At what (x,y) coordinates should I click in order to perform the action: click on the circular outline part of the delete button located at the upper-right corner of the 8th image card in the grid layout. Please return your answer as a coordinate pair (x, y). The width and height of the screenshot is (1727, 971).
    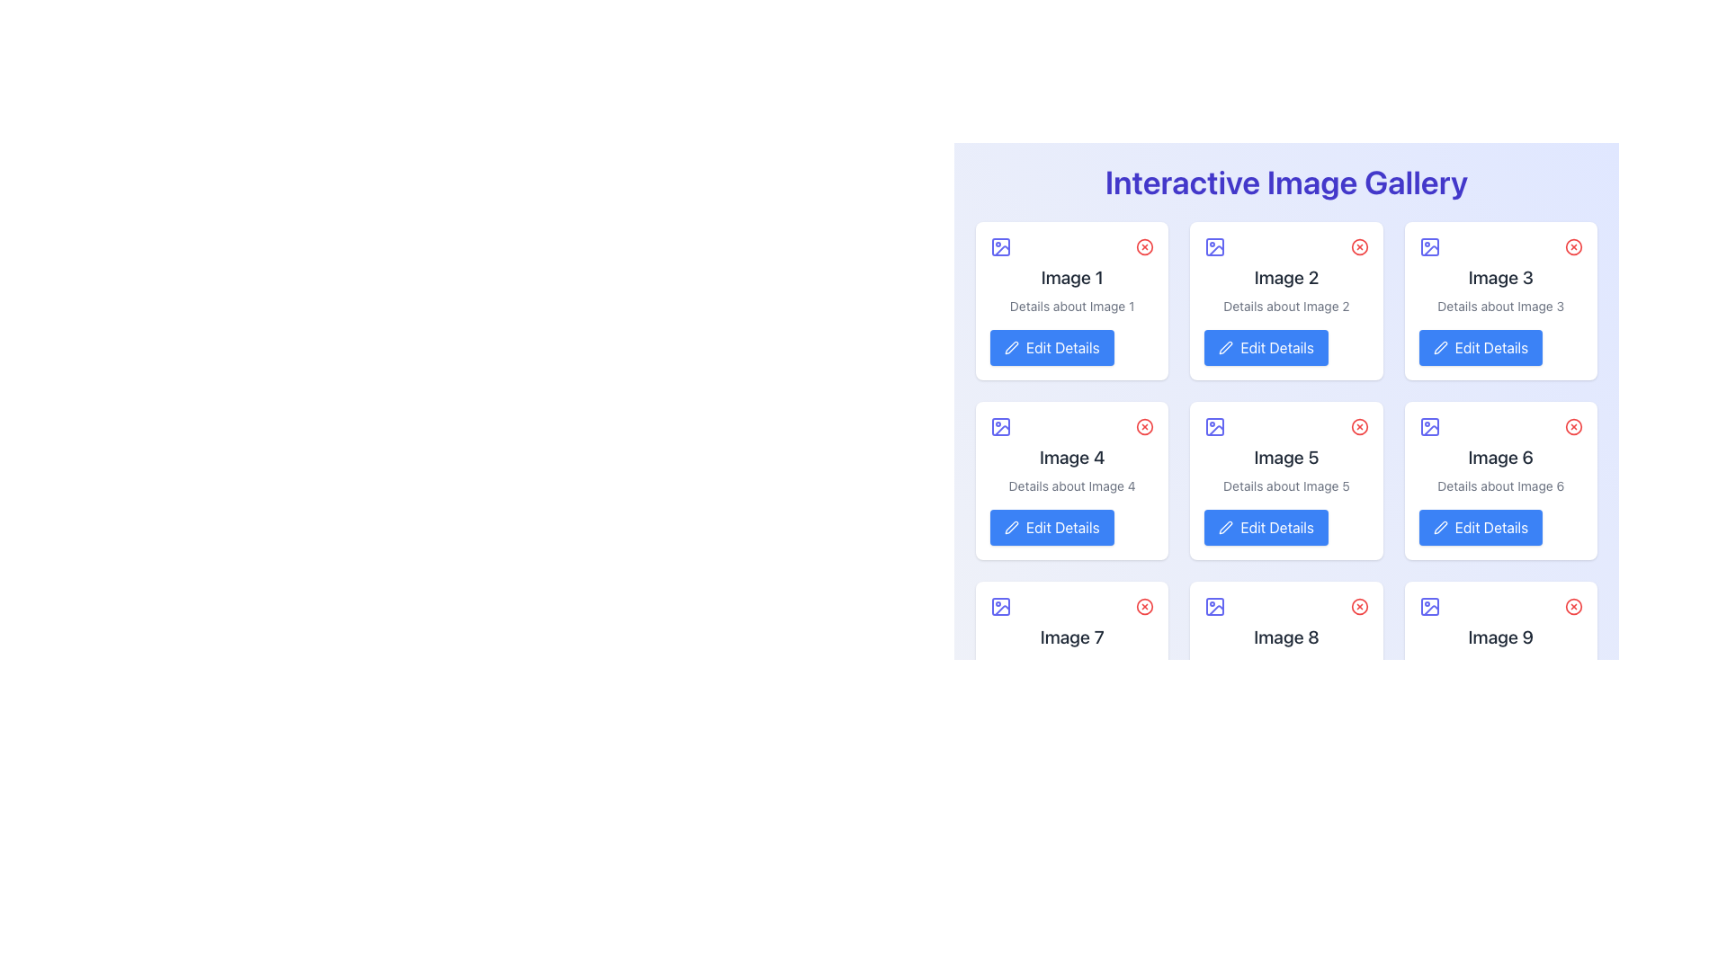
    Looking at the image, I should click on (1359, 607).